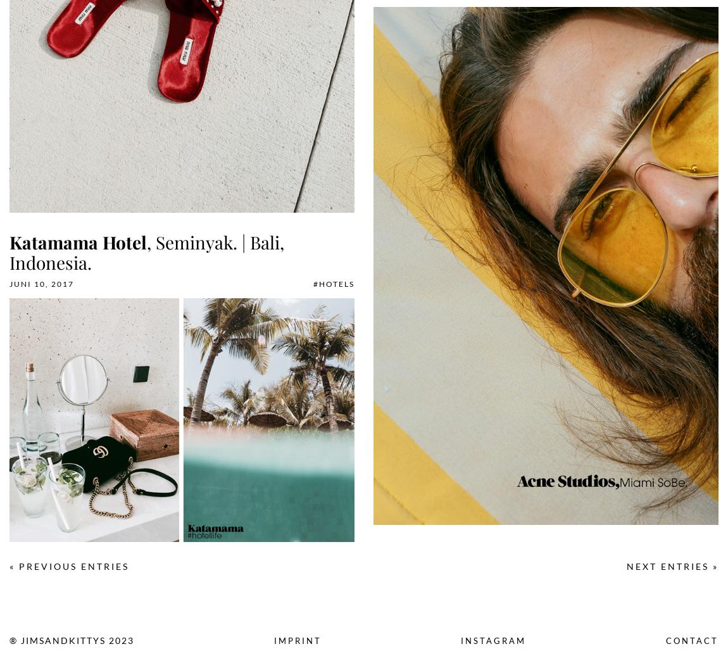 The width and height of the screenshot is (728, 656). What do you see at coordinates (77, 242) in the screenshot?
I see `'Katamama Hotel'` at bounding box center [77, 242].